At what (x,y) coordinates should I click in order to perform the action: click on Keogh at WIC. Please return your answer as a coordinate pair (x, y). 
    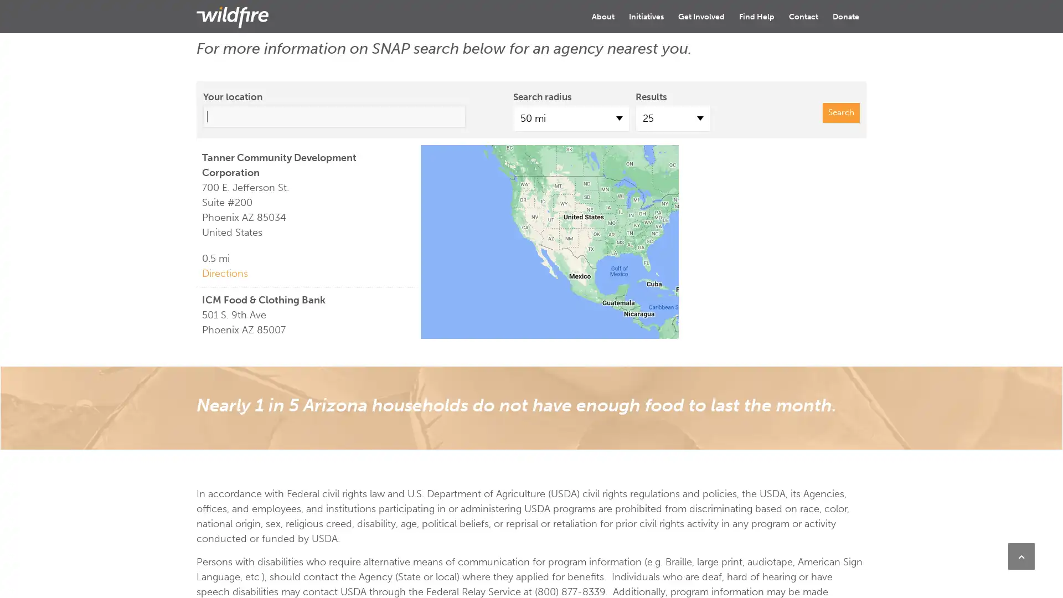
    Looking at the image, I should click on (635, 240).